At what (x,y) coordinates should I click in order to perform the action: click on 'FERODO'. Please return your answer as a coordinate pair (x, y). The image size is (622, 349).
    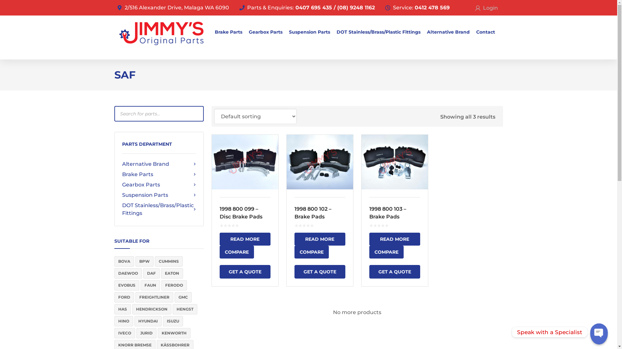
    Looking at the image, I should click on (161, 285).